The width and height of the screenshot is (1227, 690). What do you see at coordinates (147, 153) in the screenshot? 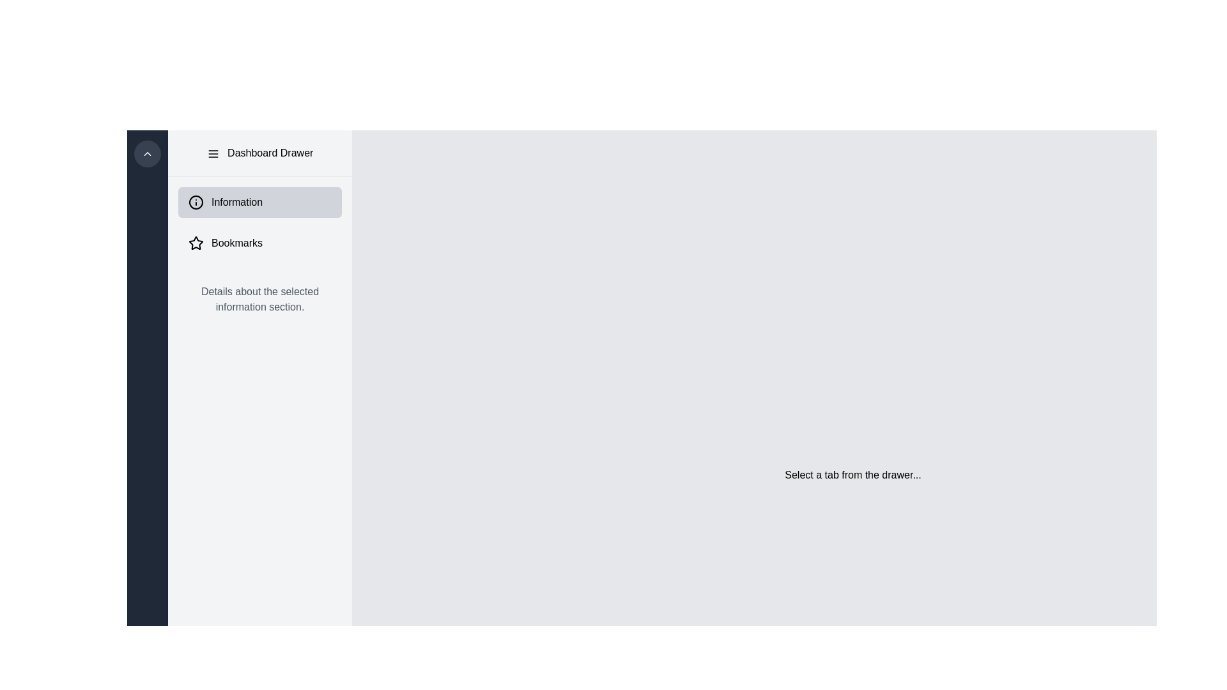
I see `the chevron-up icon located inside a dark gray circular button on the top segment of the vertical side navigation bar` at bounding box center [147, 153].